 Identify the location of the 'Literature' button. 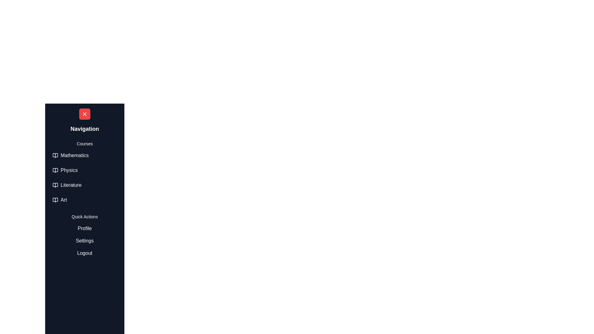
(84, 185).